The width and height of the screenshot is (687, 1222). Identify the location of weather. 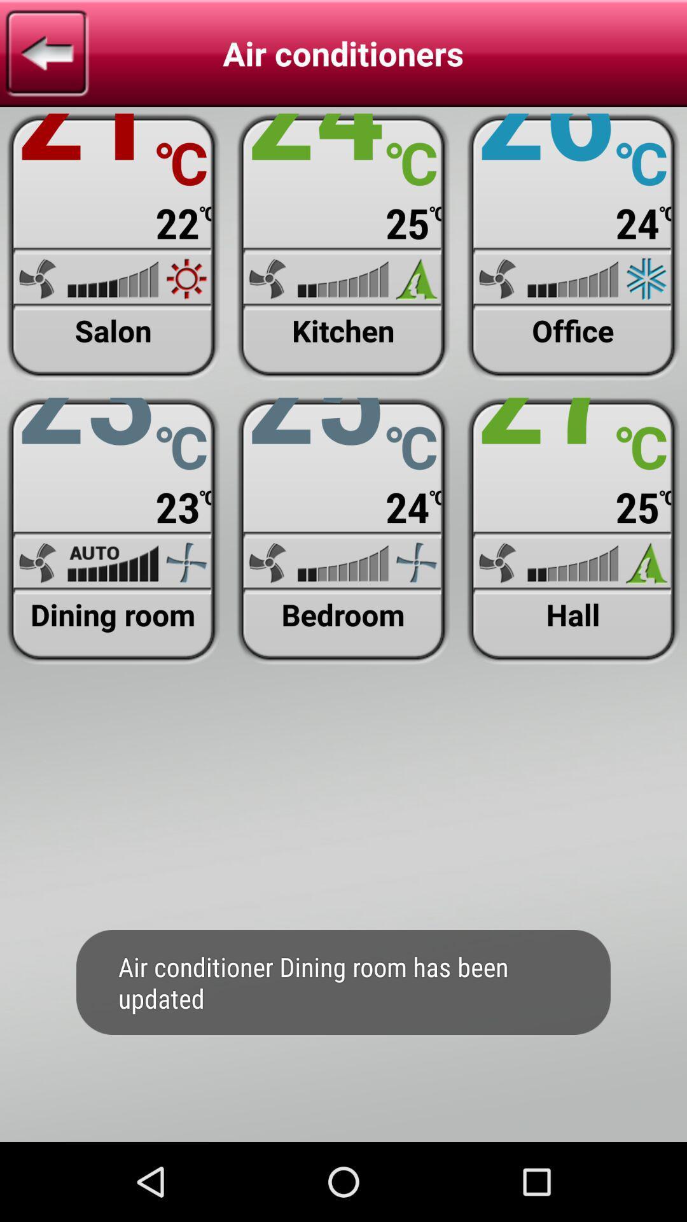
(573, 247).